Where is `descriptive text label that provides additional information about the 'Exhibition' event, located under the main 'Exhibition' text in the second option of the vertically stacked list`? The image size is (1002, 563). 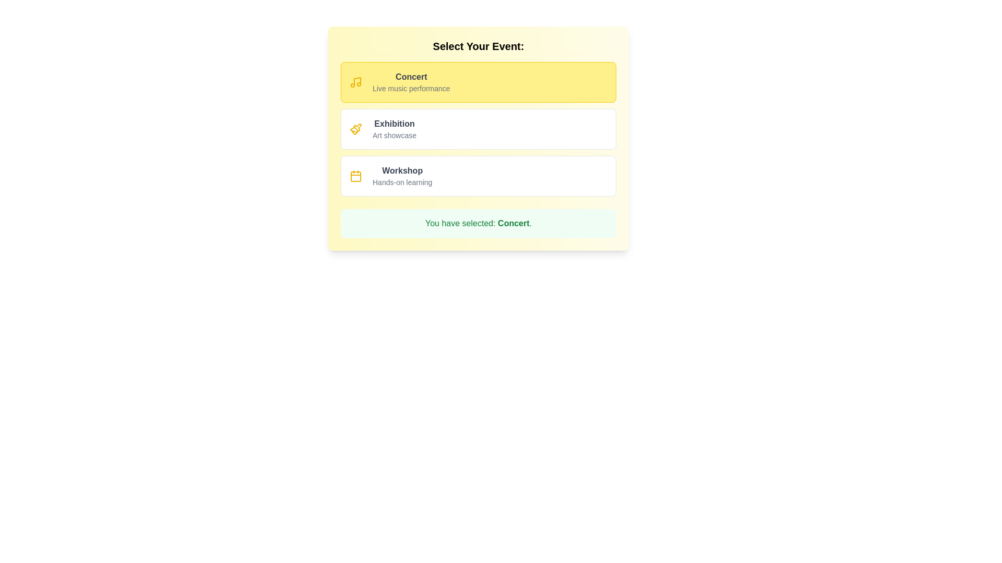 descriptive text label that provides additional information about the 'Exhibition' event, located under the main 'Exhibition' text in the second option of the vertically stacked list is located at coordinates (394, 134).